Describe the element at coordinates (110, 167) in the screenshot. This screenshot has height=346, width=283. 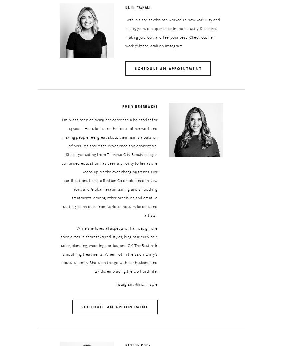
I see `'Emily has been enjoying her career as a hair stylist for 14 years. Her clients are the focus of her work and making people feel great about their hair is a passion of hers. It’s about the experience and connection! Since graduating from Traverse City Beauty college, continued education has been a priority to her as she keeps up on the ever changing trends. Her certifications include Redken Color, obtained in New York, and Global Keratin taming and smoothing treatments, among other precision and creative cutting techniques from various industry leaders and artists.'` at that location.